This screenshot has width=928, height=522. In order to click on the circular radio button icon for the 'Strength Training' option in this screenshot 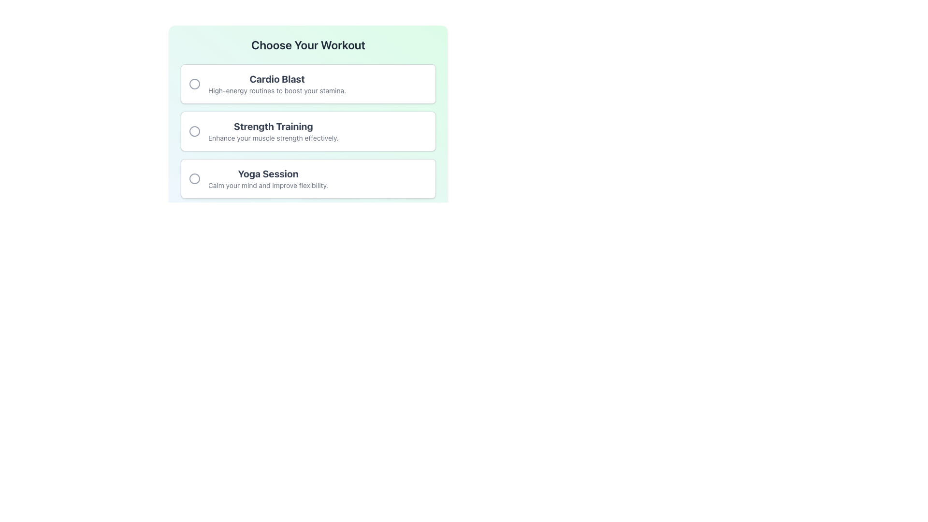, I will do `click(194, 131)`.